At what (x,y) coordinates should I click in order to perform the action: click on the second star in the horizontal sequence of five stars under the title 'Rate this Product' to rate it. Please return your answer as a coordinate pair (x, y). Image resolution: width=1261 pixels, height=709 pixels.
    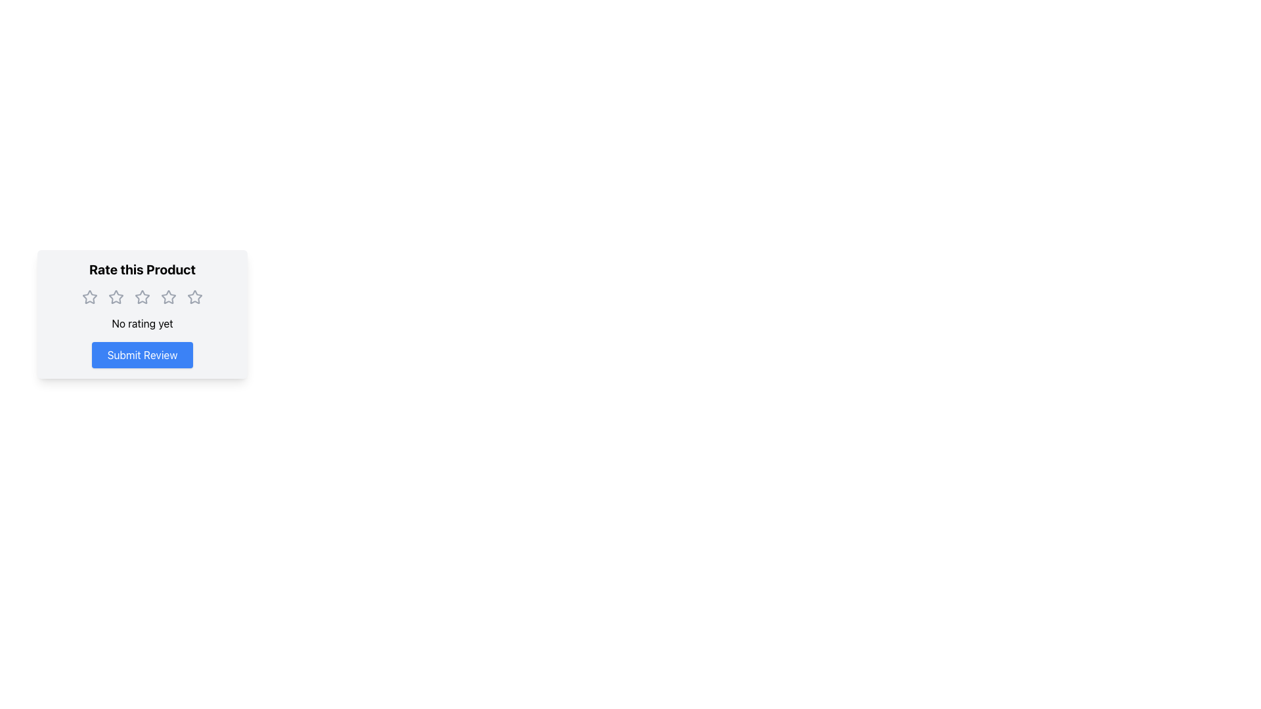
    Looking at the image, I should click on (116, 297).